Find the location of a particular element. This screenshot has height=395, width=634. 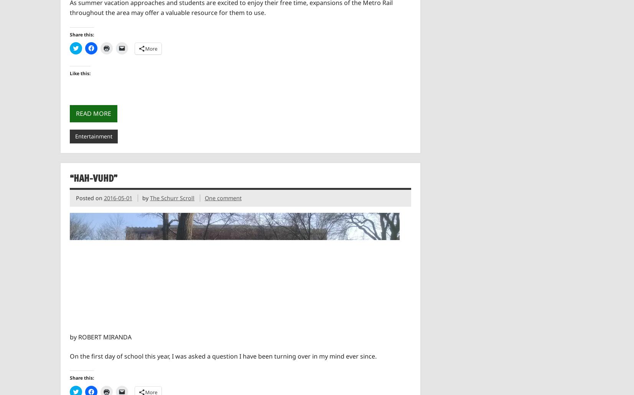

'Read more' is located at coordinates (75, 113).